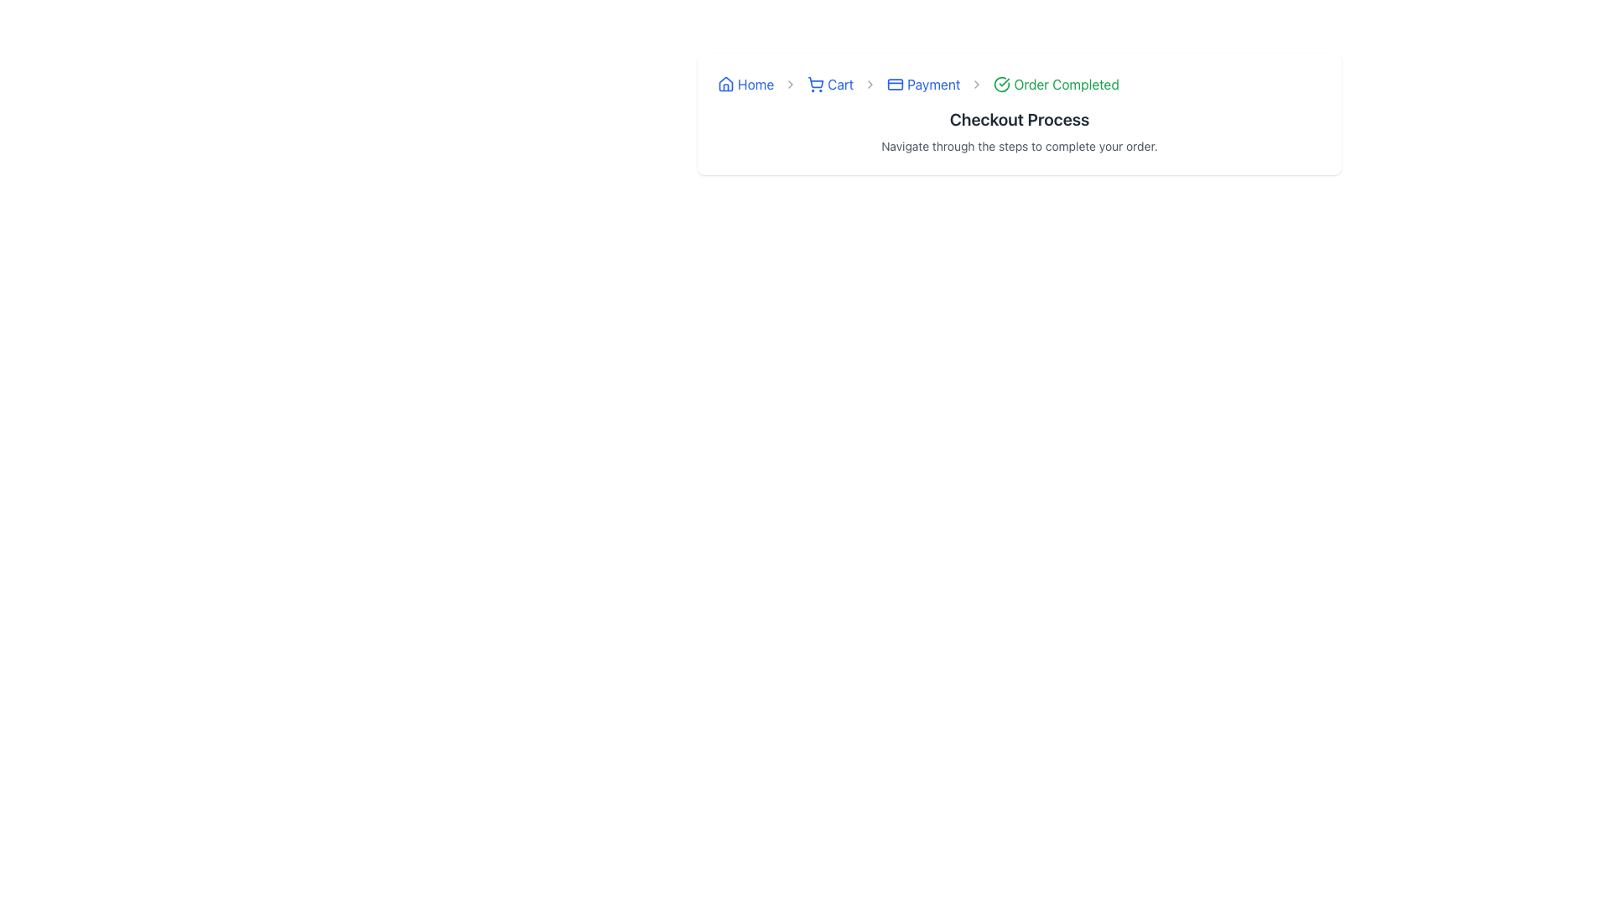 The height and width of the screenshot is (905, 1610). What do you see at coordinates (895, 84) in the screenshot?
I see `the outlined rectangle with rounded corners inside the credit card icon in the 'Payment' step of the checkout navigation elements` at bounding box center [895, 84].